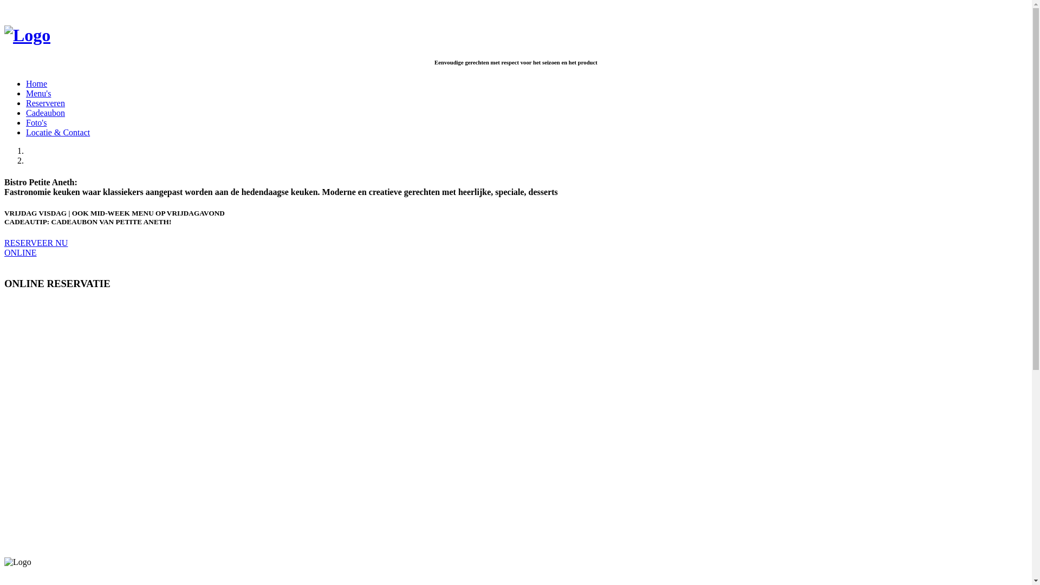  I want to click on 'Foto's', so click(36, 122).